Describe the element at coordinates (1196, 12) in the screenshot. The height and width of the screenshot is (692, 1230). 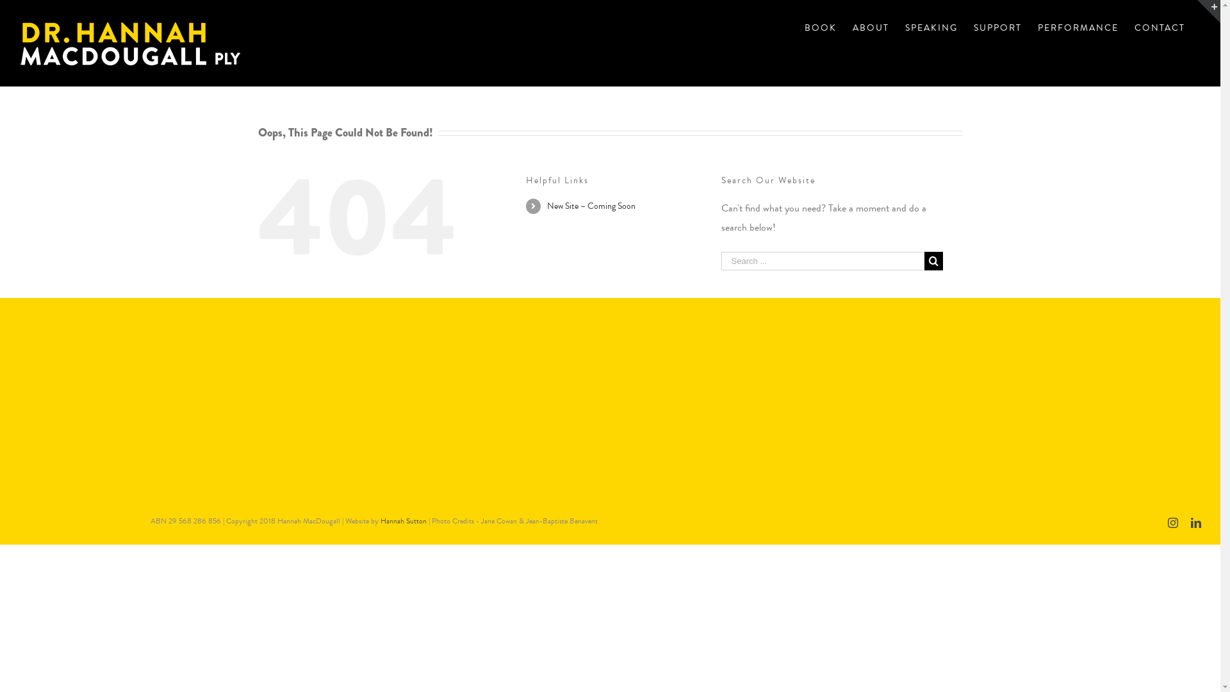
I see `'Toggle Sliding Bar Area'` at that location.